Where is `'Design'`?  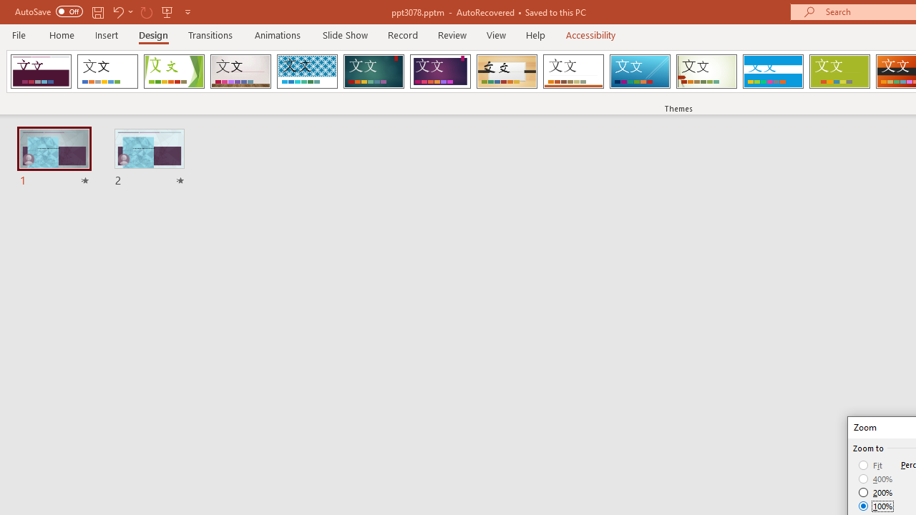 'Design' is located at coordinates (153, 34).